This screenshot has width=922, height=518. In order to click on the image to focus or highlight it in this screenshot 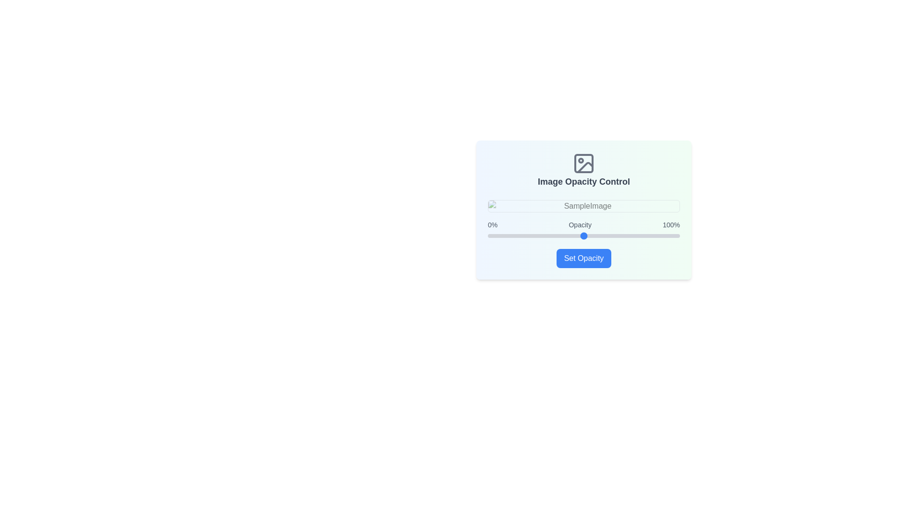, I will do `click(583, 205)`.